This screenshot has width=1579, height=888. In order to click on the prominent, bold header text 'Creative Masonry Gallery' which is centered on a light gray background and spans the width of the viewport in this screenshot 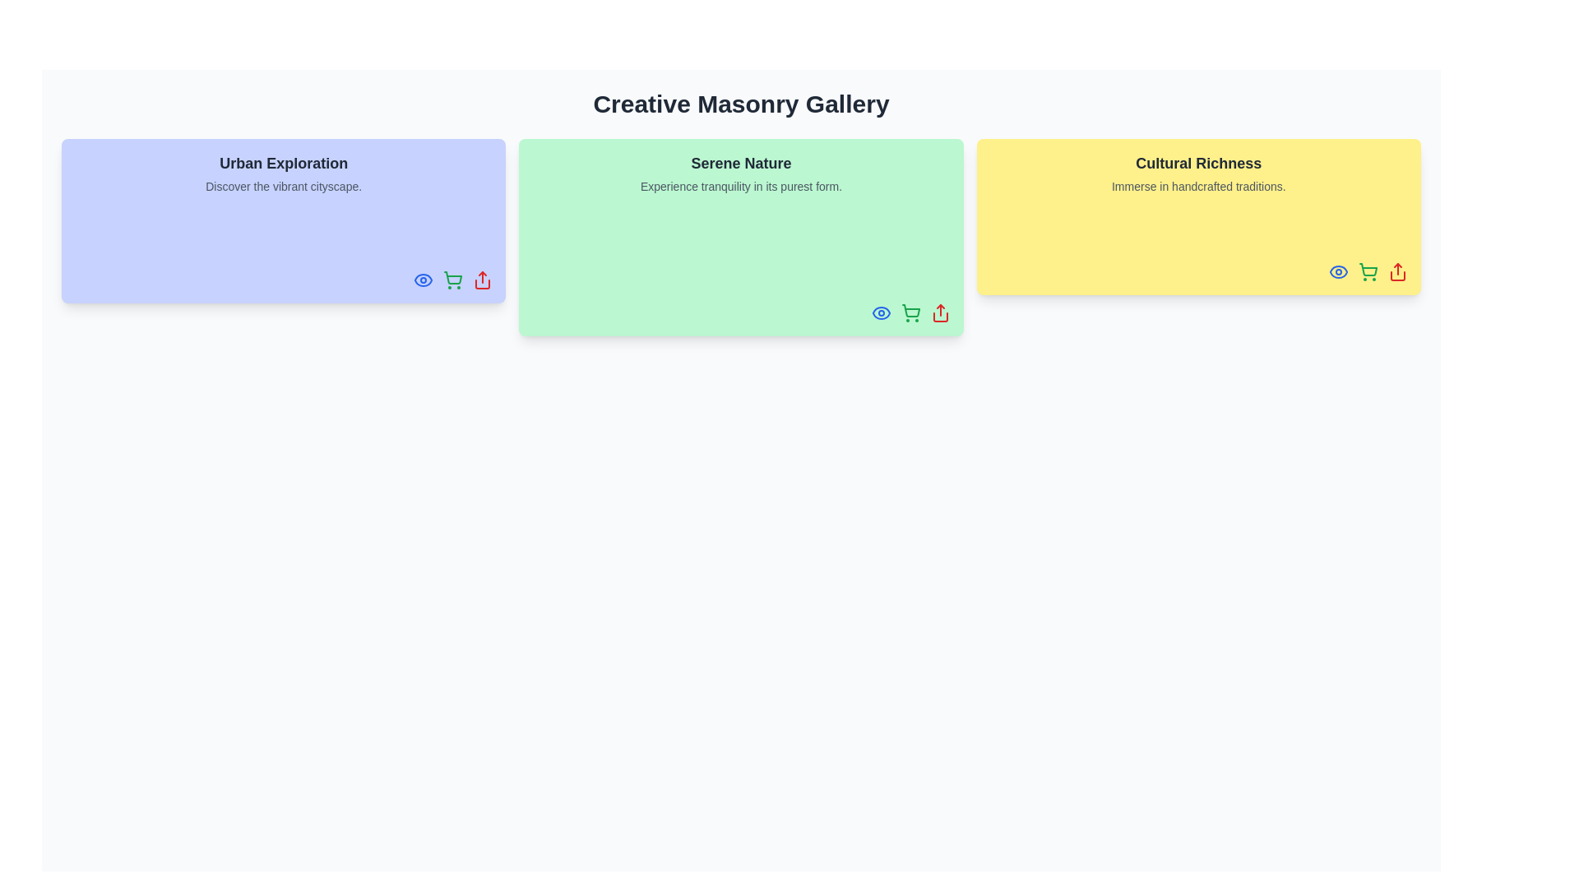, I will do `click(740, 104)`.